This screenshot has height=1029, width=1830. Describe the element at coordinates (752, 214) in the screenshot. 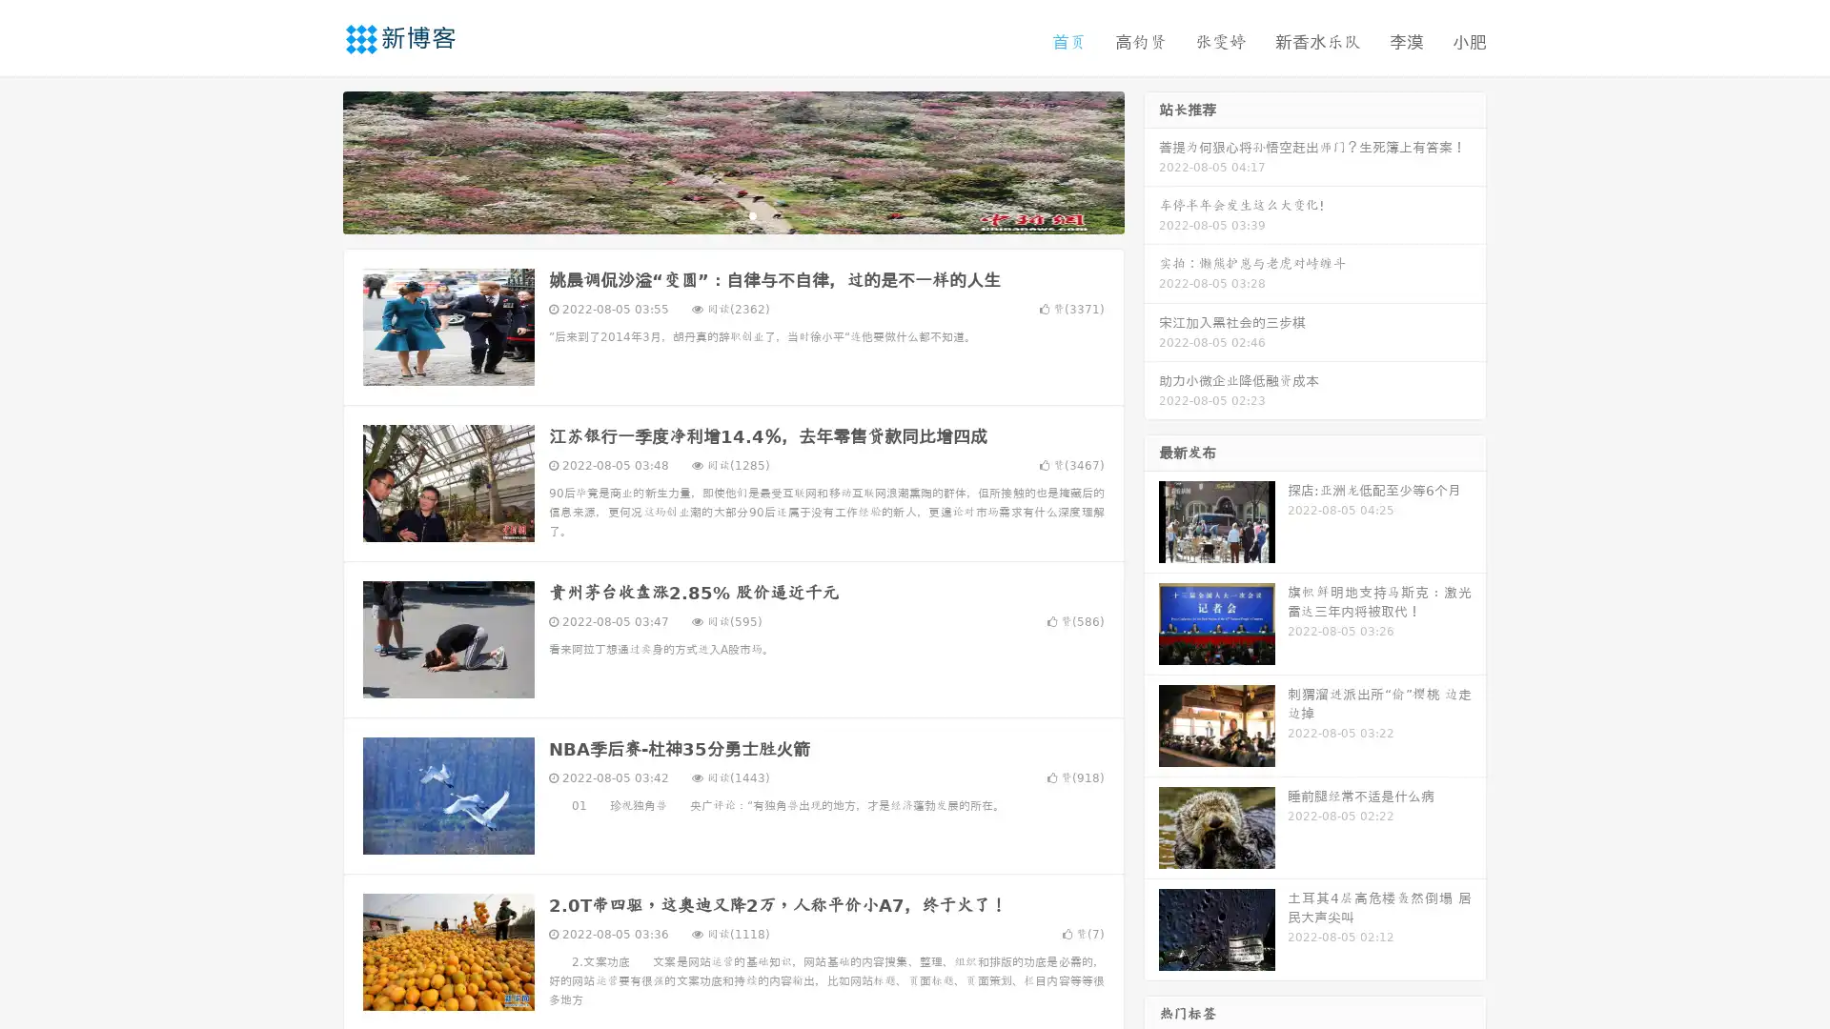

I see `Go to slide 3` at that location.